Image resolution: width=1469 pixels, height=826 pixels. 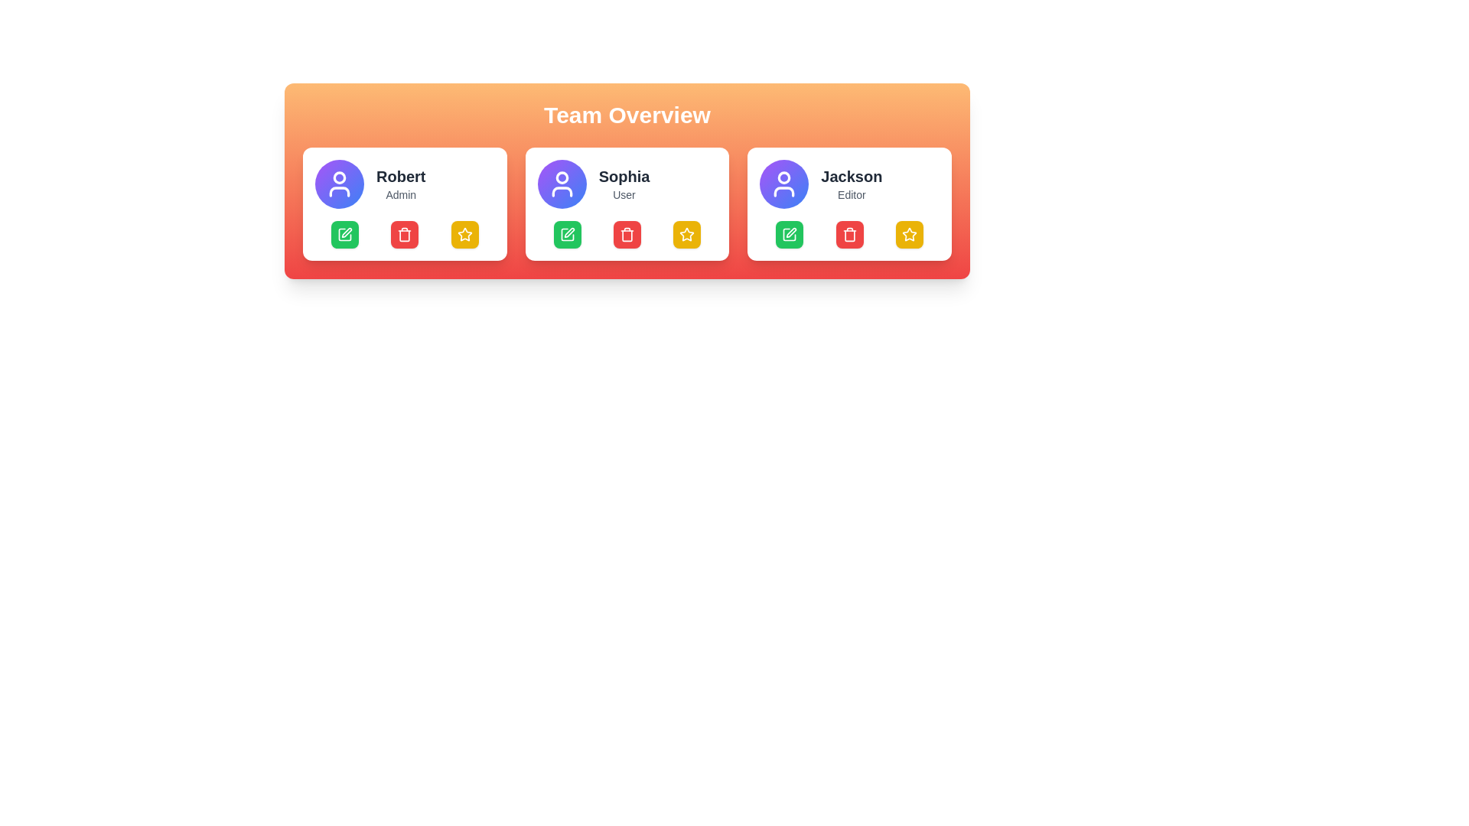 I want to click on the User Card Header element that features a circular avatar on the left and the name 'Jackson' in bold black text with 'Editor' in smaller gray text underneath, located in the top-center of the third card from the left, so click(x=849, y=183).